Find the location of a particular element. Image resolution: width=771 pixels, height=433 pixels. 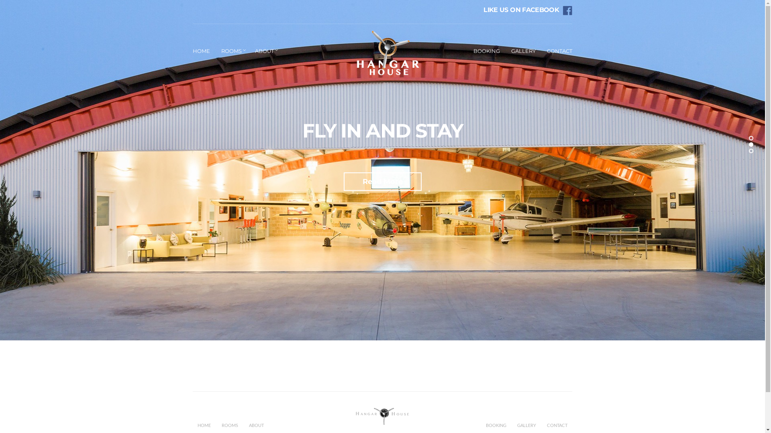

'2' is located at coordinates (751, 144).